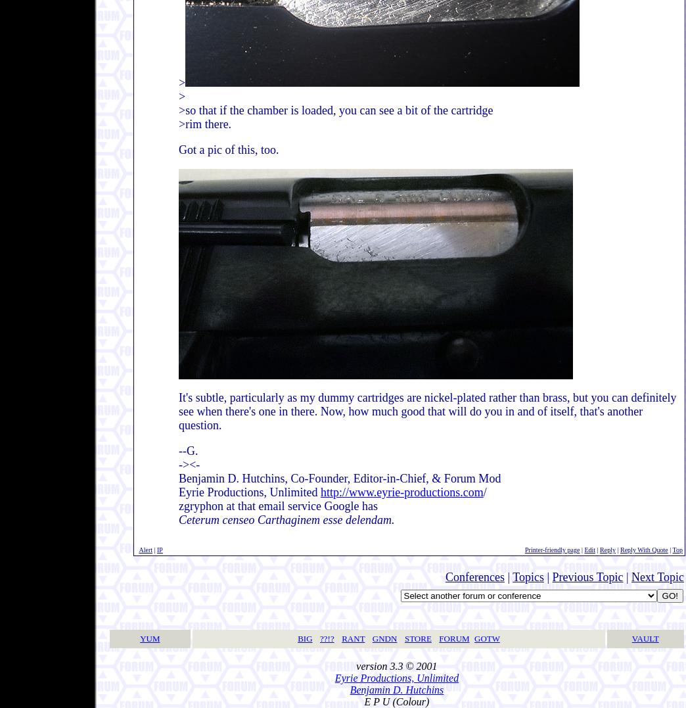 This screenshot has width=686, height=708. Describe the element at coordinates (189, 465) in the screenshot. I see `'-><-'` at that location.